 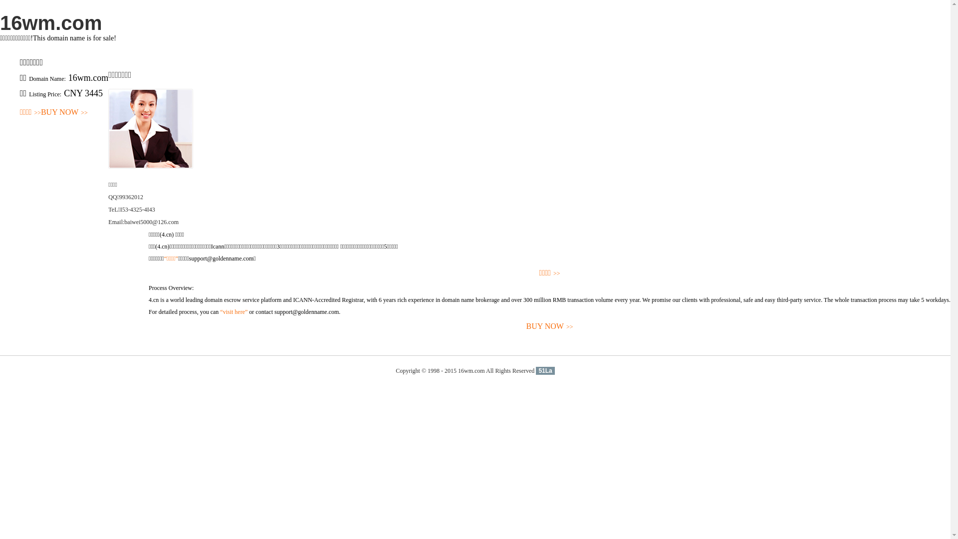 What do you see at coordinates (64, 112) in the screenshot?
I see `'BUY NOW>>'` at bounding box center [64, 112].